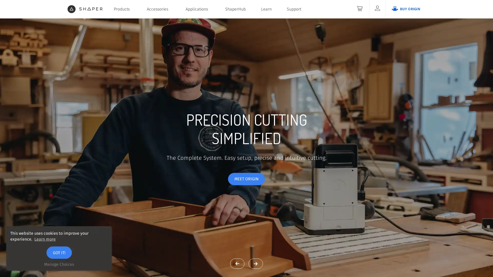  What do you see at coordinates (59, 264) in the screenshot?
I see `Manage Choices` at bounding box center [59, 264].